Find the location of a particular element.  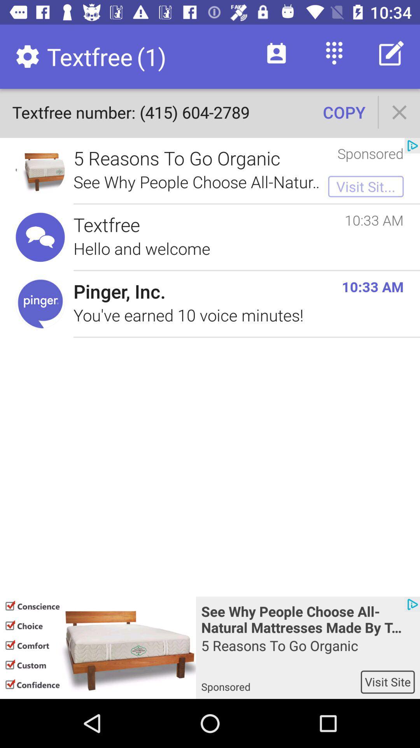

the visit site is located at coordinates (388, 681).